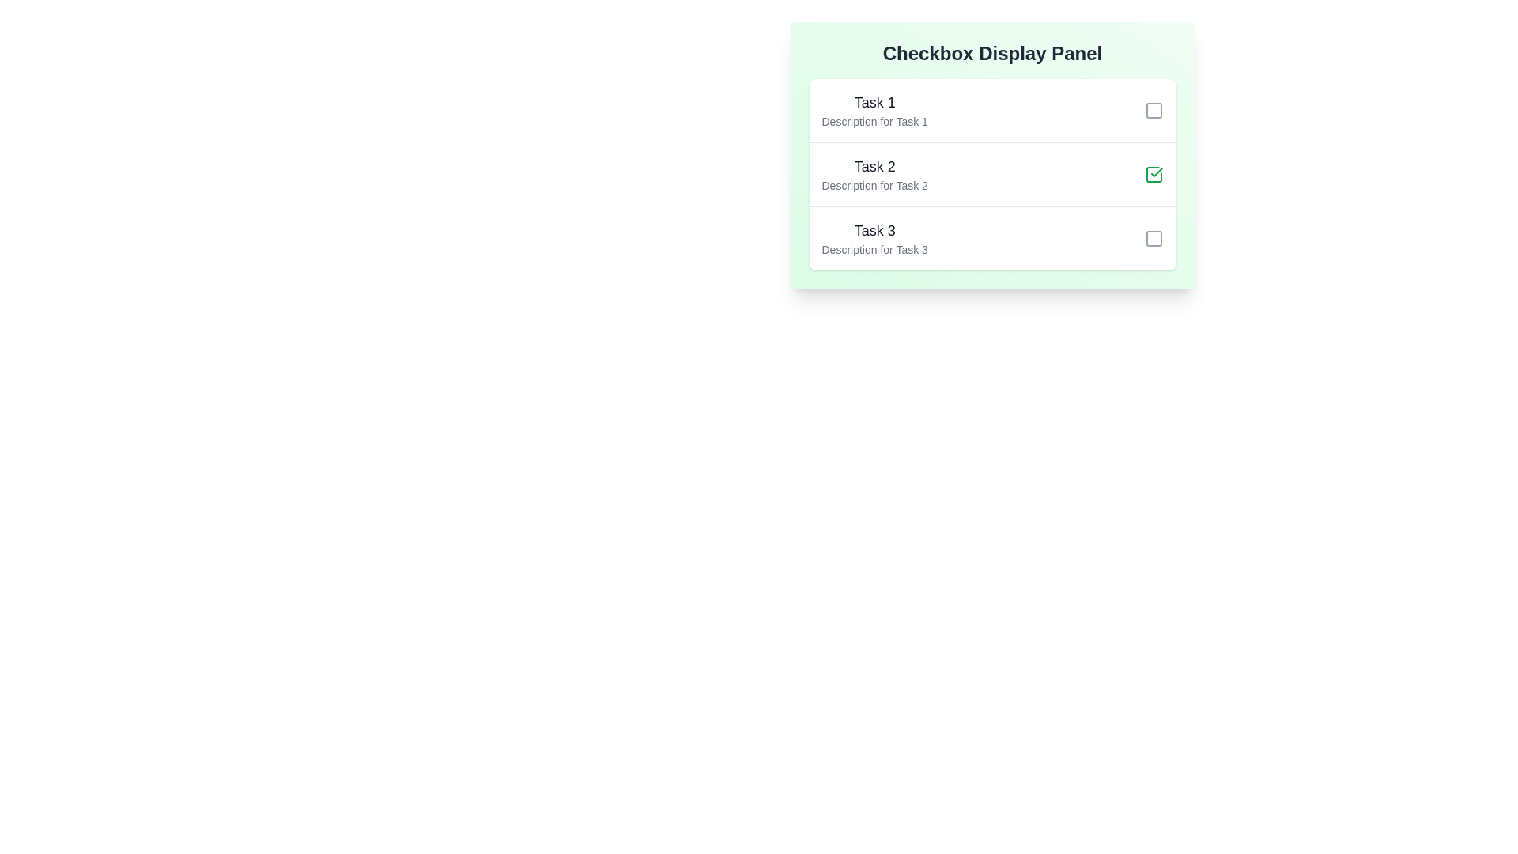 This screenshot has height=854, width=1518. What do you see at coordinates (1154, 174) in the screenshot?
I see `the checkbox for Task 2` at bounding box center [1154, 174].